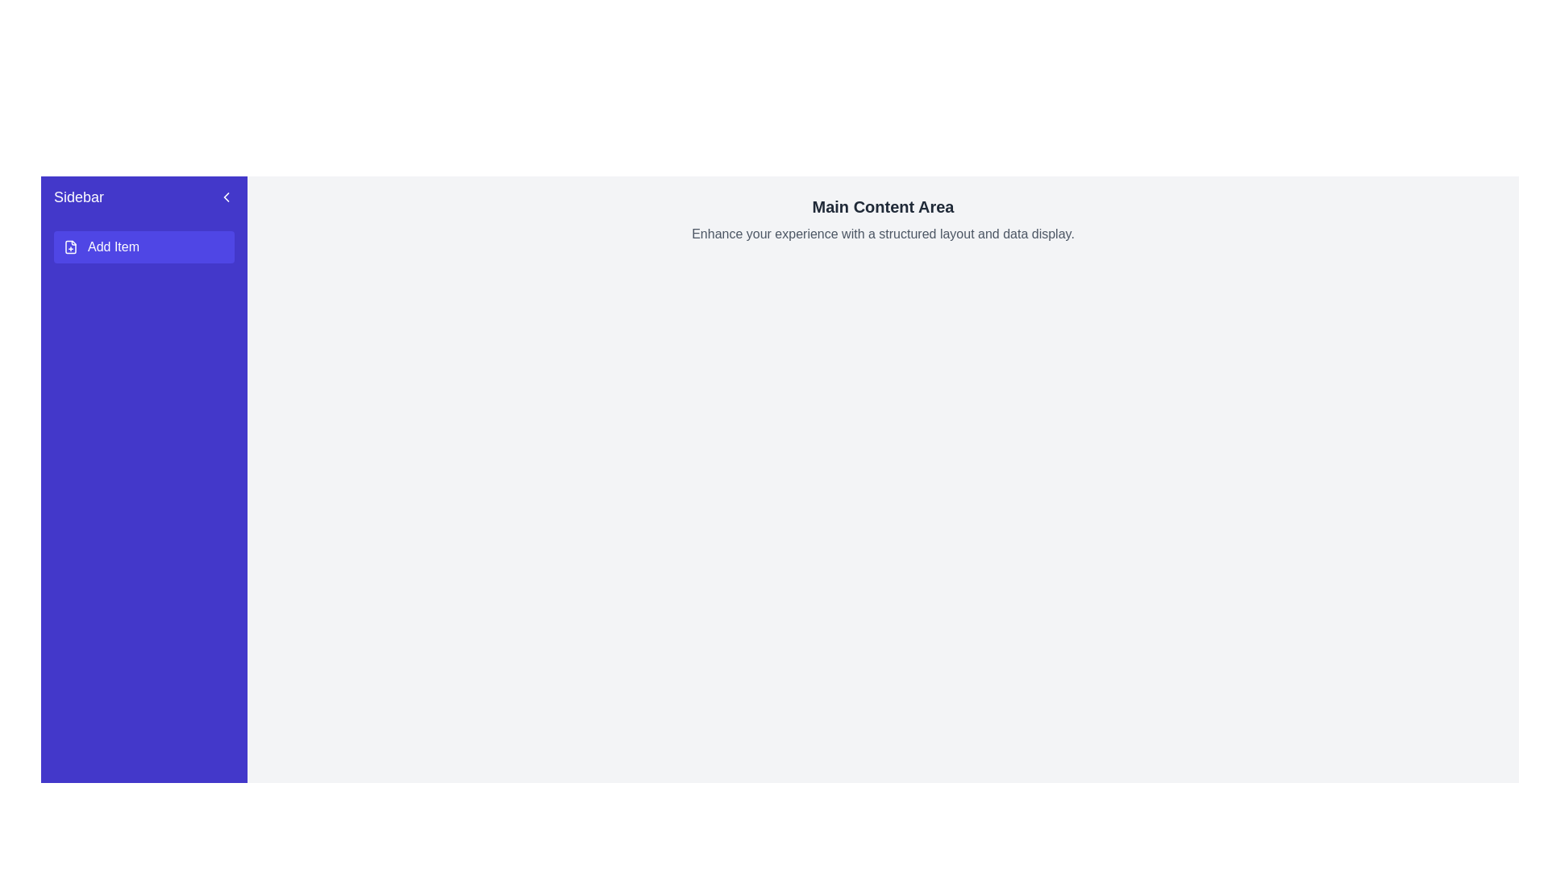 The width and height of the screenshot is (1548, 870). I want to click on the left-pointing chevron icon button located at the top-right corner of the vertical sidebar, adjacent to the 'Sidebar' text, so click(226, 197).